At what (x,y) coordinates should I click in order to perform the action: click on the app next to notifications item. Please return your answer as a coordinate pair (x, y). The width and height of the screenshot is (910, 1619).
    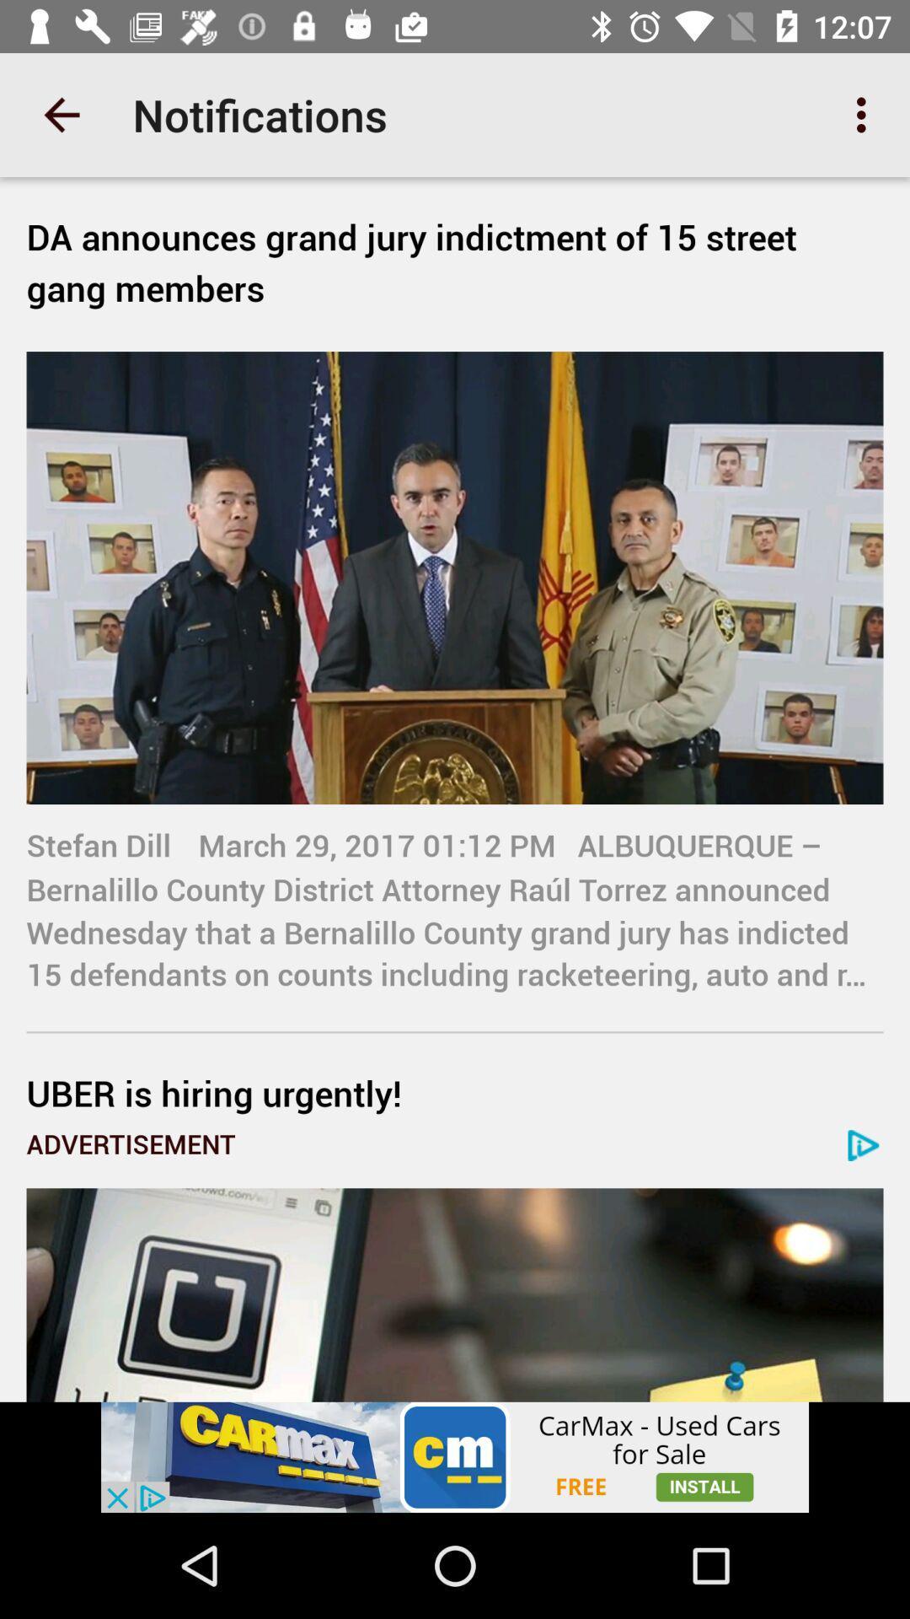
    Looking at the image, I should click on (61, 114).